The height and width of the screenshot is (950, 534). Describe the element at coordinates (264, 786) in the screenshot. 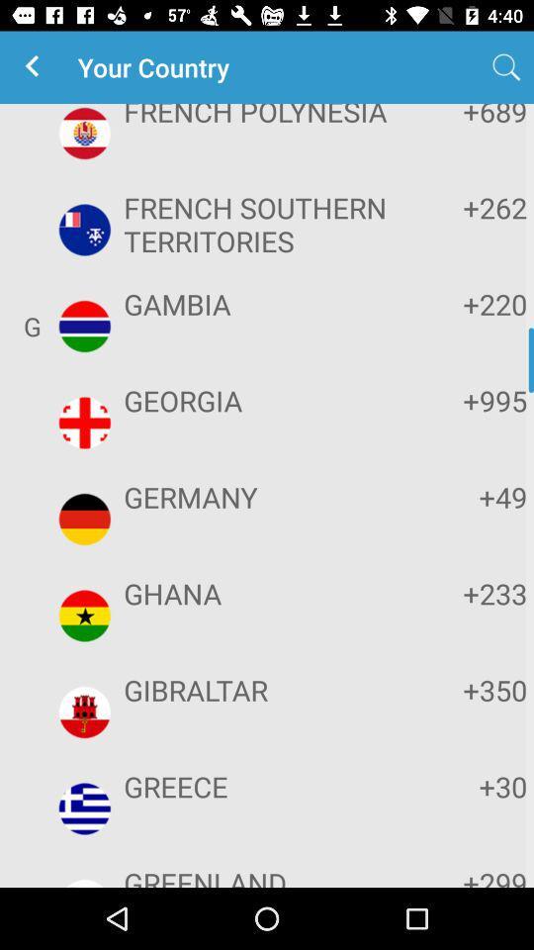

I see `the icon below the gibraltar item` at that location.